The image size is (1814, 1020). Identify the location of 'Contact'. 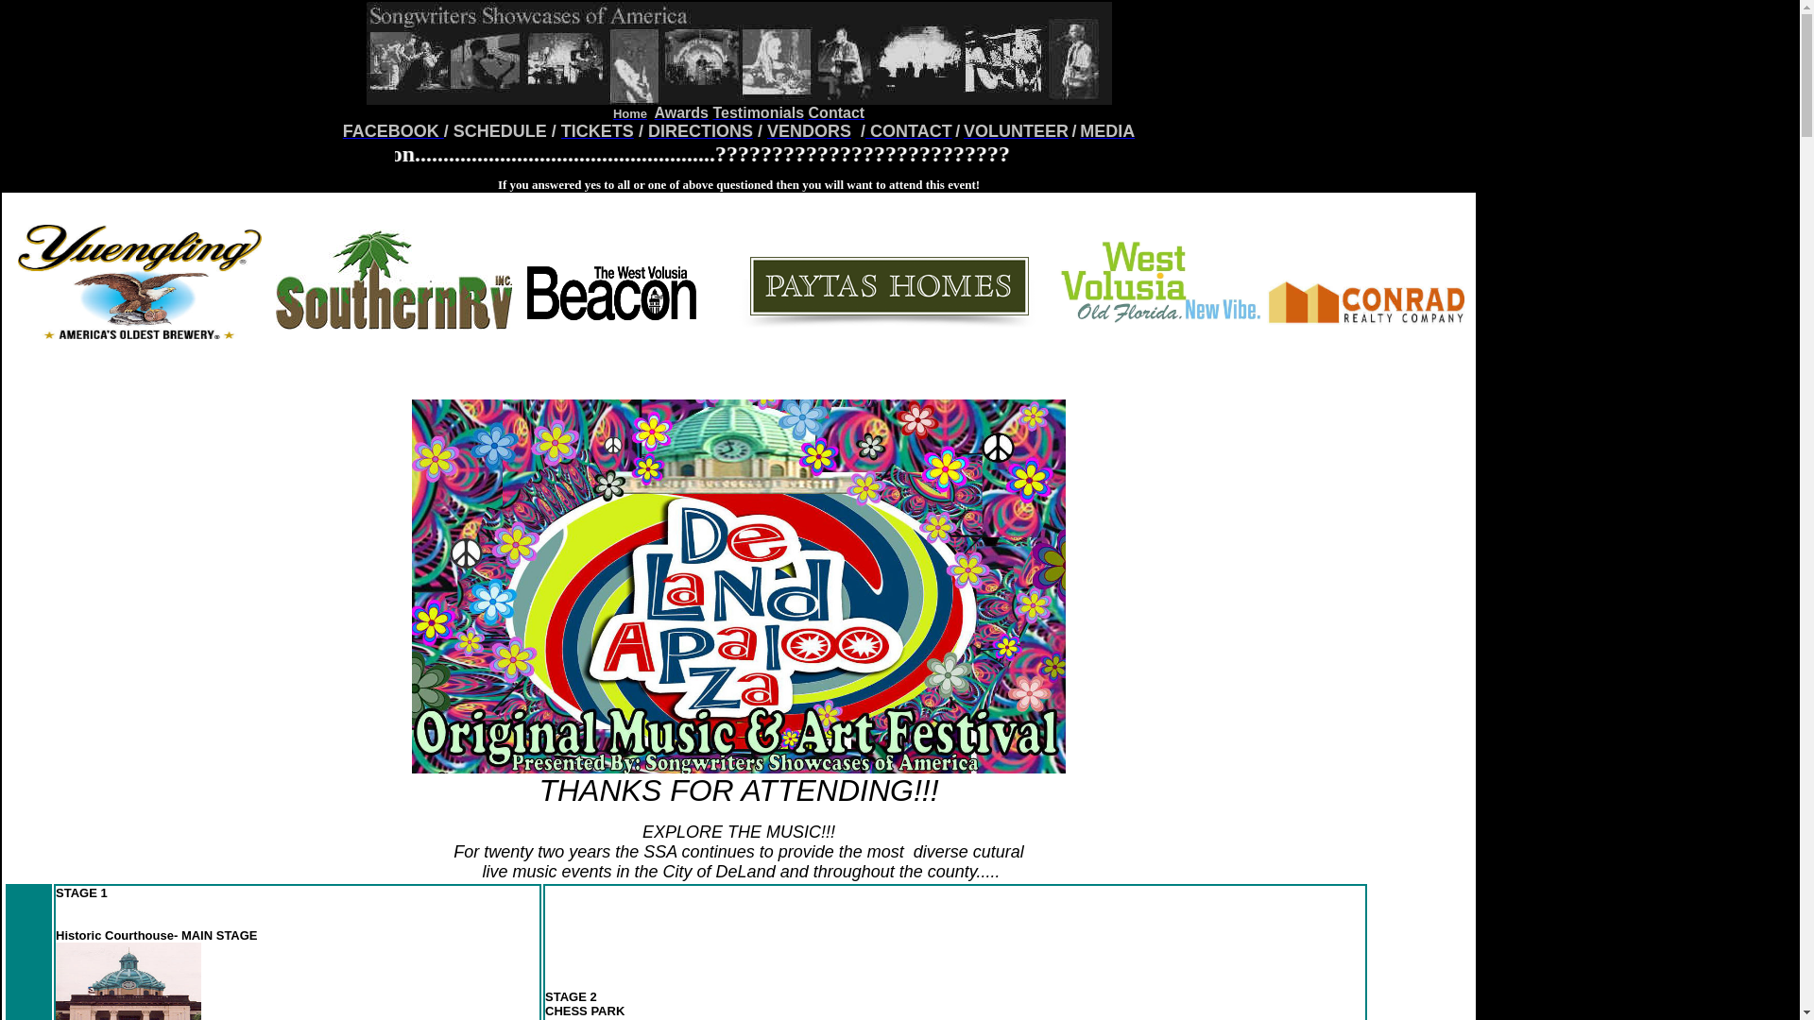
(836, 112).